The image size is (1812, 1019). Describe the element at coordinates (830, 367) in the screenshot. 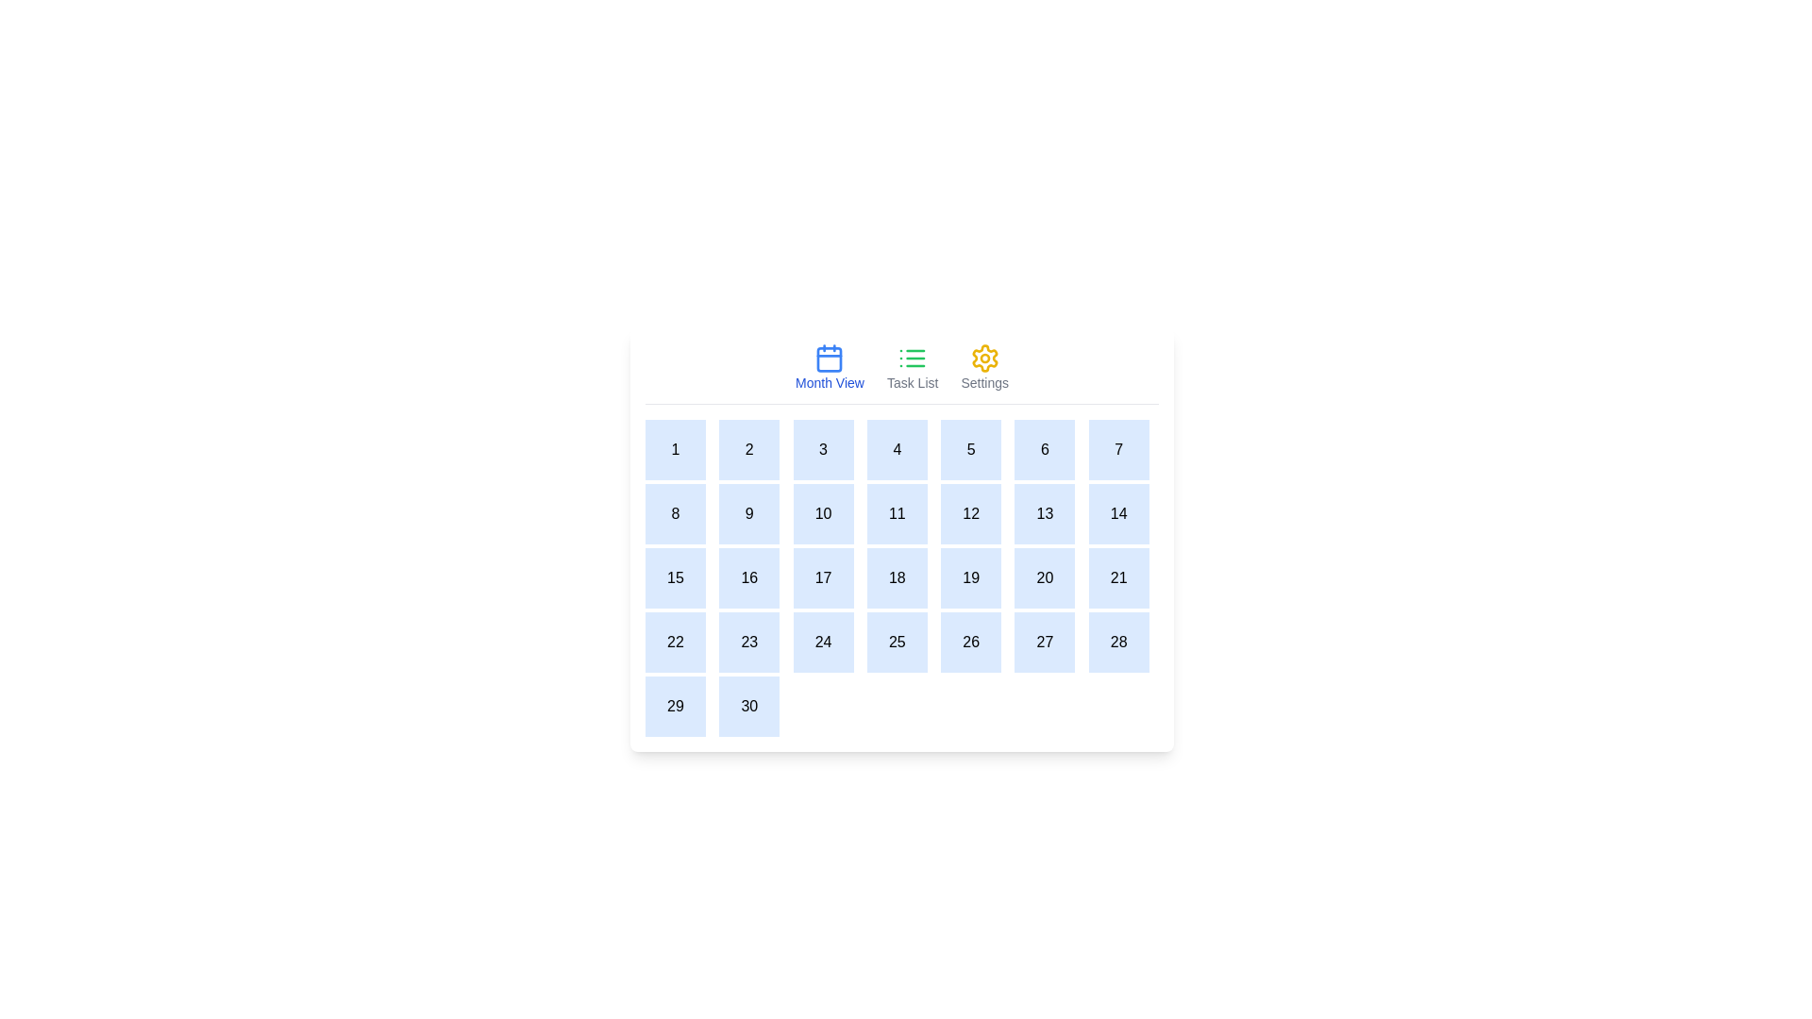

I see `the tab labeled Month View` at that location.